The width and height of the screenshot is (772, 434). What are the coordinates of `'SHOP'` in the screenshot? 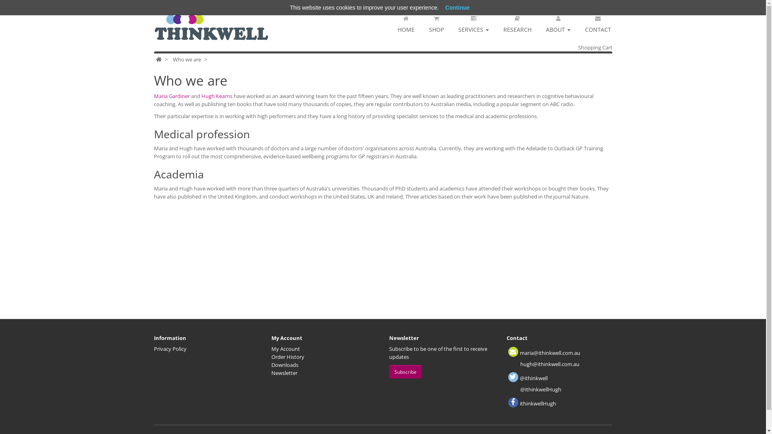 It's located at (435, 21).